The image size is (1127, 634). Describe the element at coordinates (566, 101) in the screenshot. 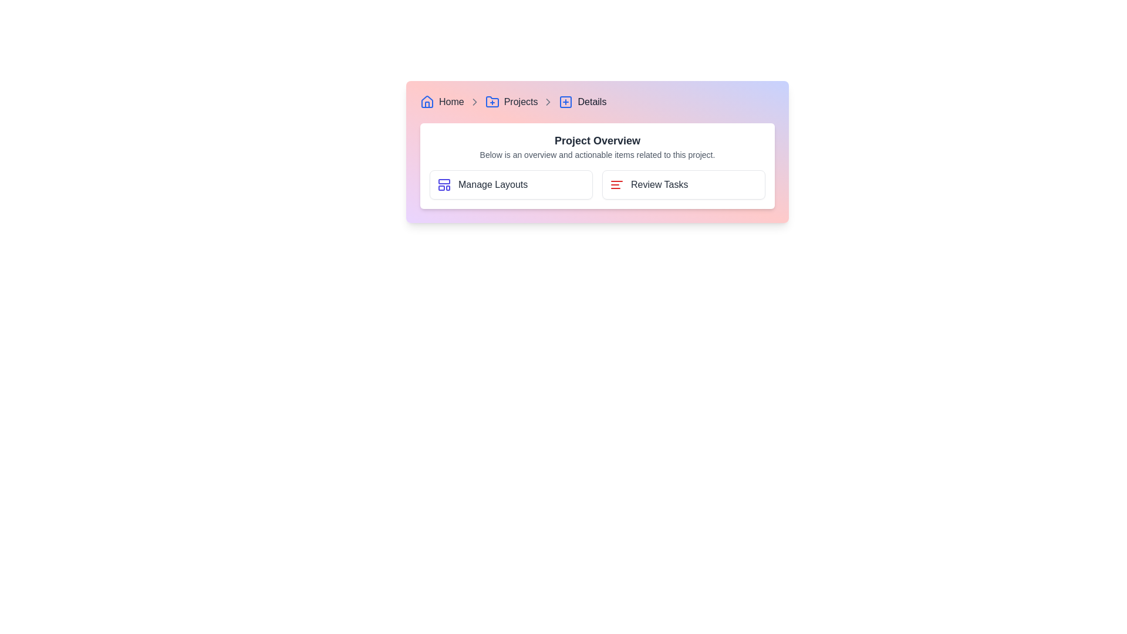

I see `the addition icon located in the breadcrumb navigation bar, positioned to the right of the 'Projects' label and icon, and slightly to the left of the 'Details' label` at that location.